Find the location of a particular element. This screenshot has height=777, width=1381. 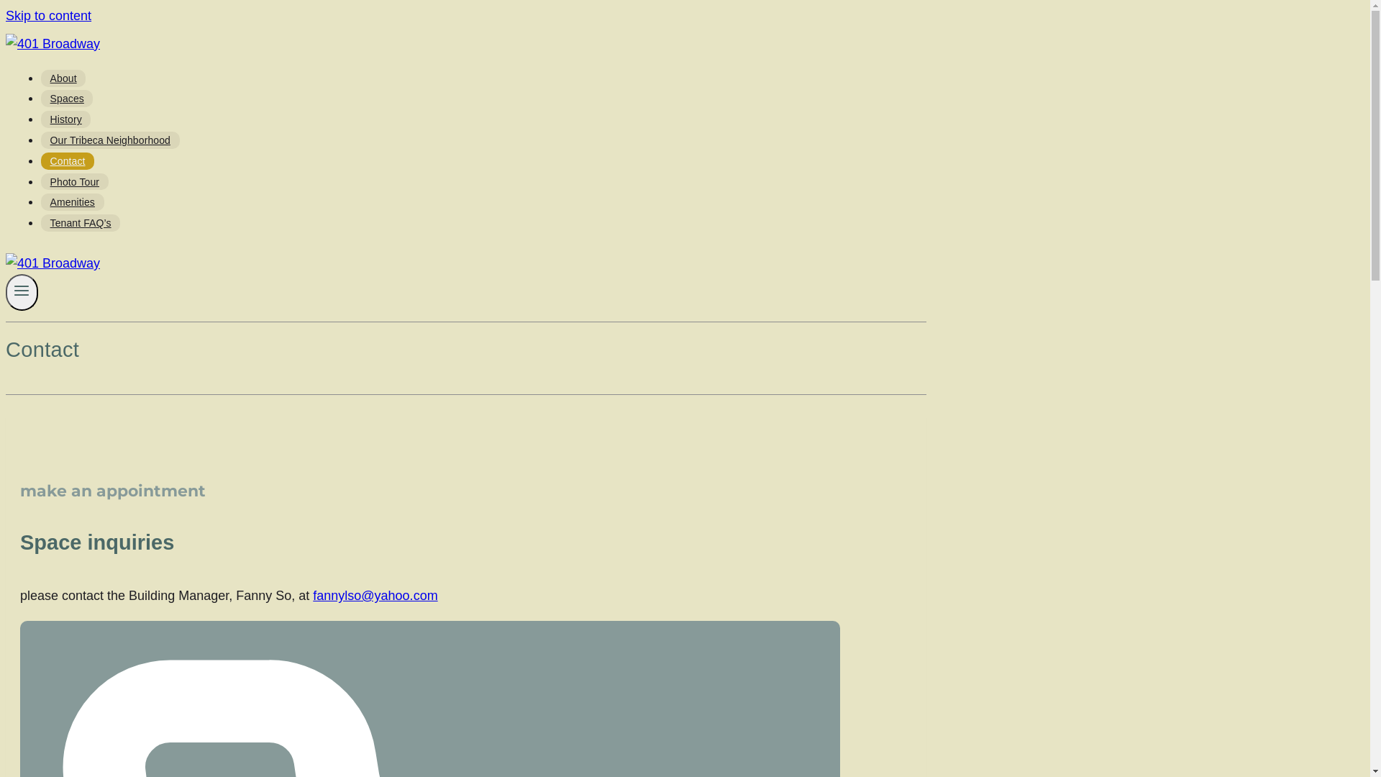

'Toggle Menu' is located at coordinates (22, 291).